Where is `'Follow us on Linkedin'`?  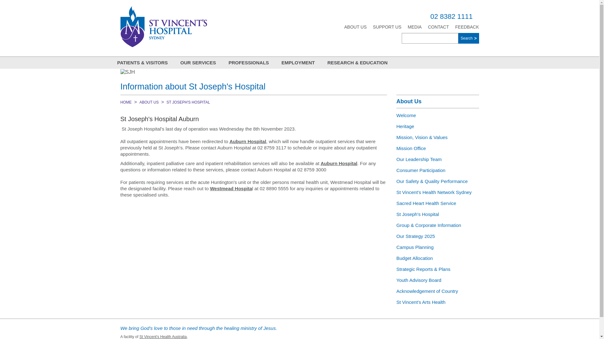 'Follow us on Linkedin' is located at coordinates (445, 331).